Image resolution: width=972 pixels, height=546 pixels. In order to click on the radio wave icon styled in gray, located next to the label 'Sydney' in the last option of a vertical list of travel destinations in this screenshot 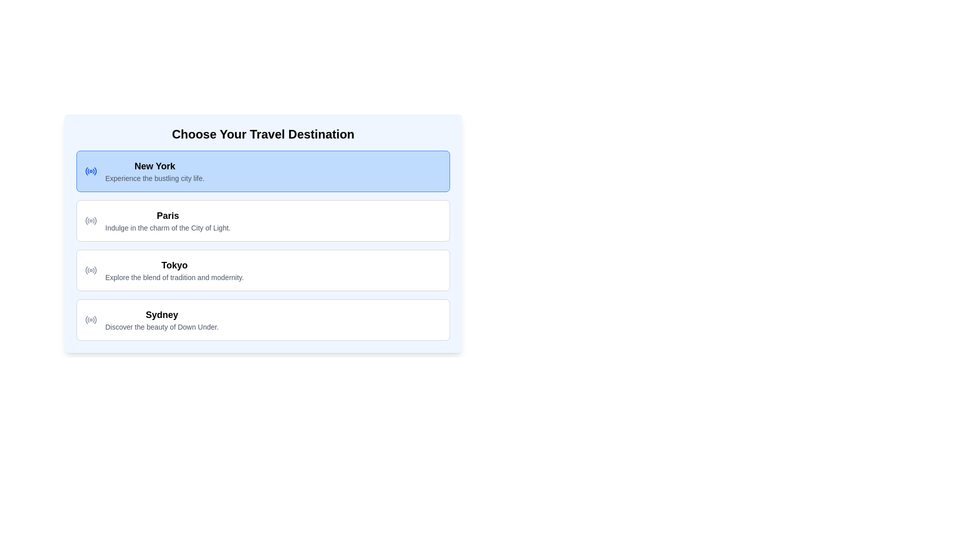, I will do `click(91, 320)`.